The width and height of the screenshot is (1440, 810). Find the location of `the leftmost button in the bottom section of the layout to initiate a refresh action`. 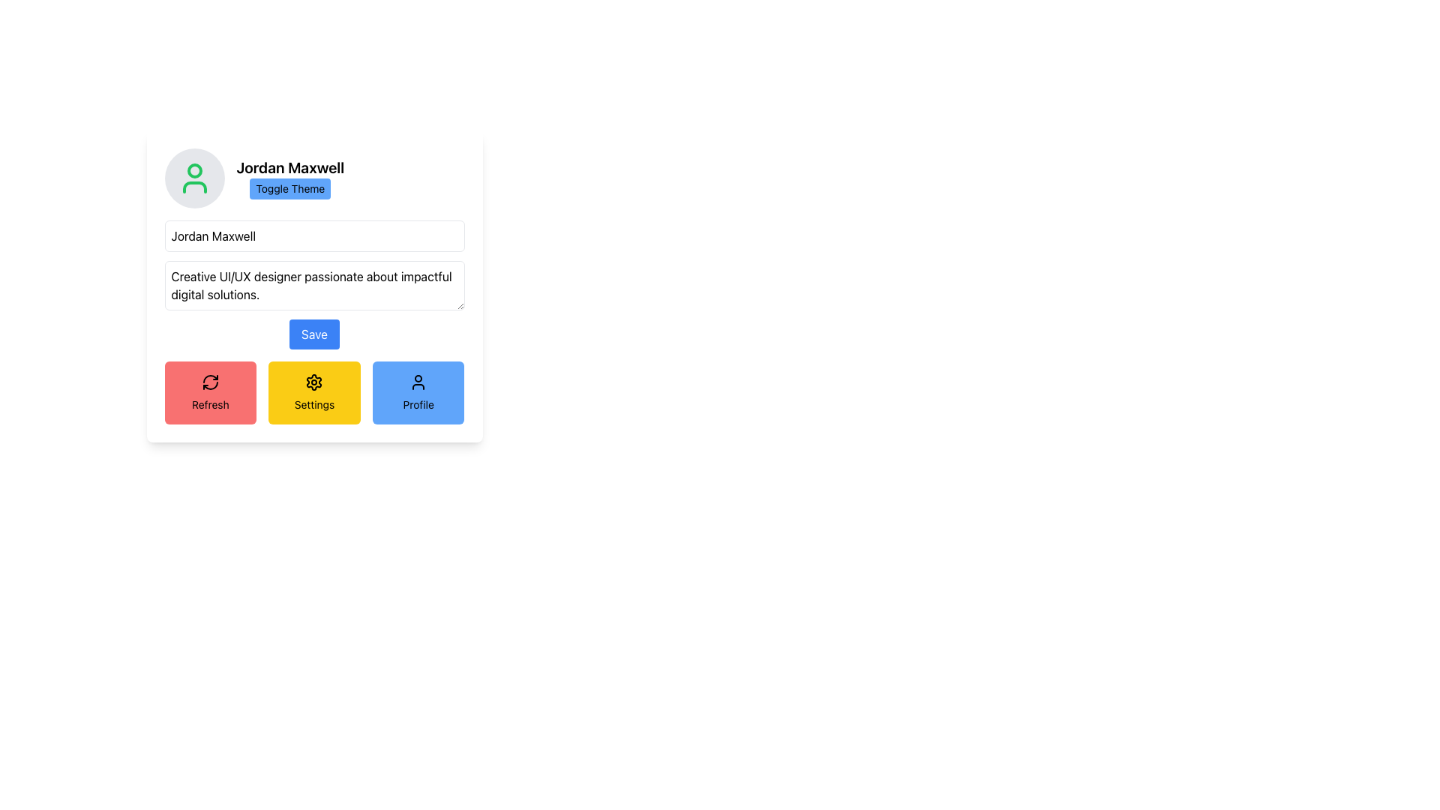

the leftmost button in the bottom section of the layout to initiate a refresh action is located at coordinates (209, 392).